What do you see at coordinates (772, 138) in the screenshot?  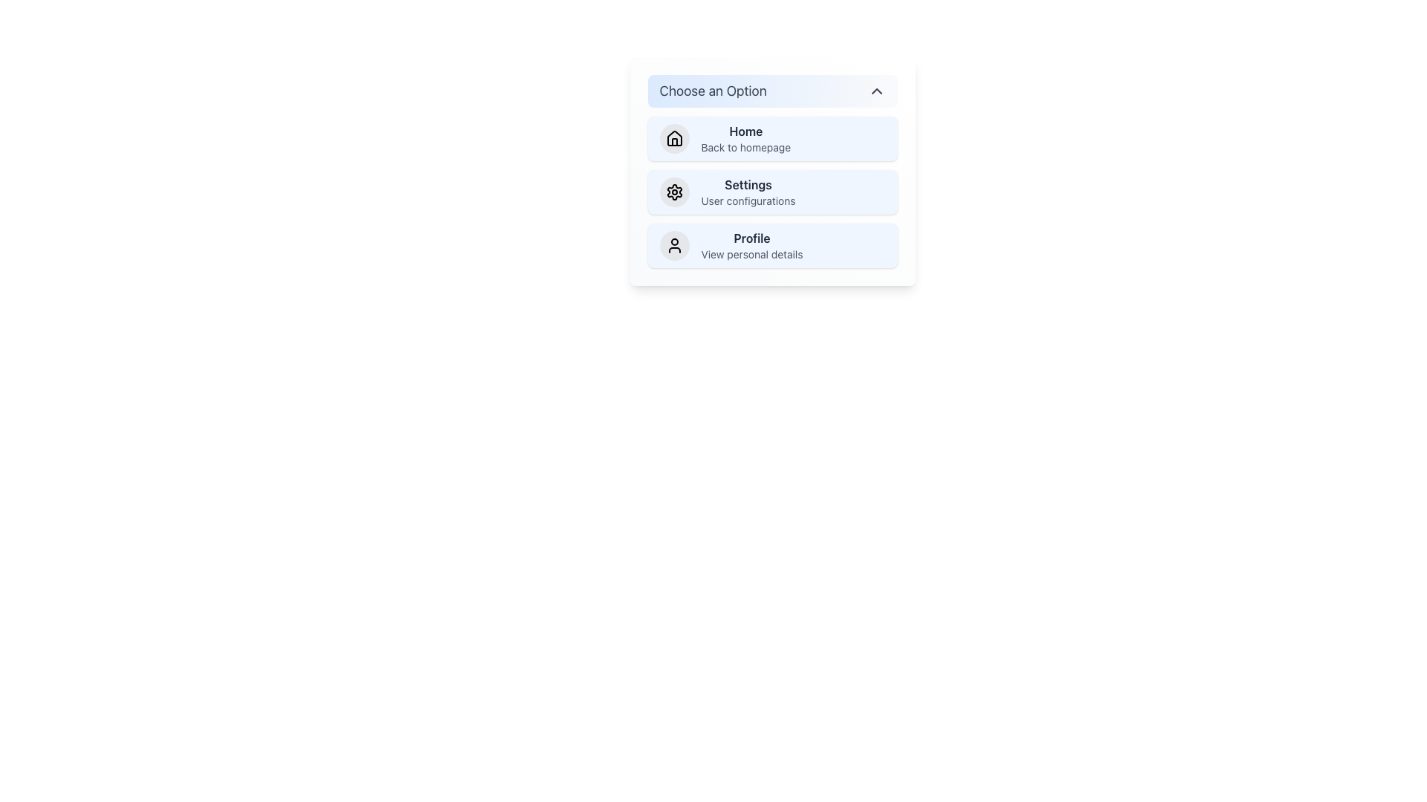 I see `the 'Home' button at the top of the button list` at bounding box center [772, 138].